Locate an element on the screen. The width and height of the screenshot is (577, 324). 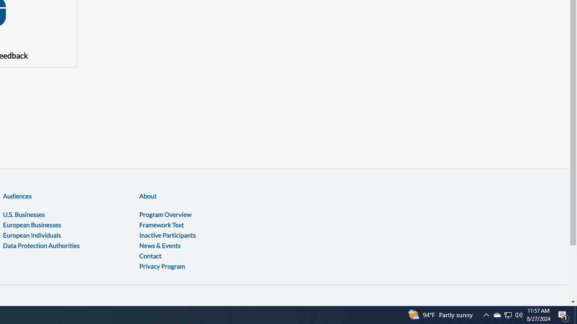
'Inactive Participants' is located at coordinates (167, 234).